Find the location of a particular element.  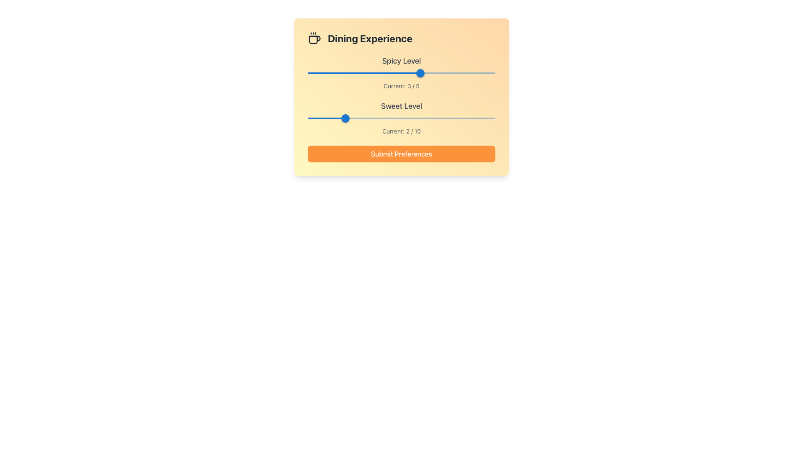

the 'Spicy Level' slider, which is the first slider under the label 'Spicy Level' and above the text 'Current: 3 / 5' is located at coordinates (401, 72).